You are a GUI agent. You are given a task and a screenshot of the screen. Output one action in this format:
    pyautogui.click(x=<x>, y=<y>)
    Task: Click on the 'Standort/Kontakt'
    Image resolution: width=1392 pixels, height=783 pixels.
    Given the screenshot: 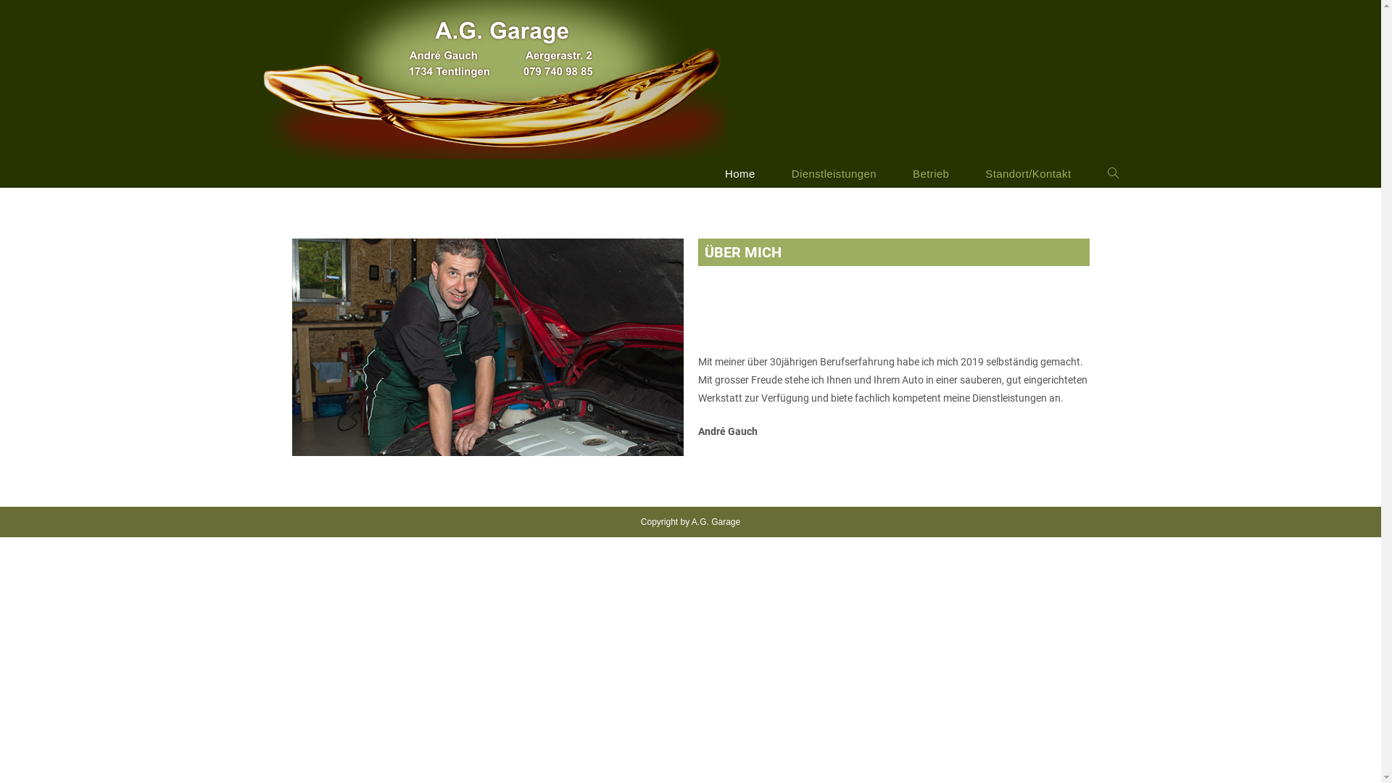 What is the action you would take?
    pyautogui.click(x=1027, y=173)
    